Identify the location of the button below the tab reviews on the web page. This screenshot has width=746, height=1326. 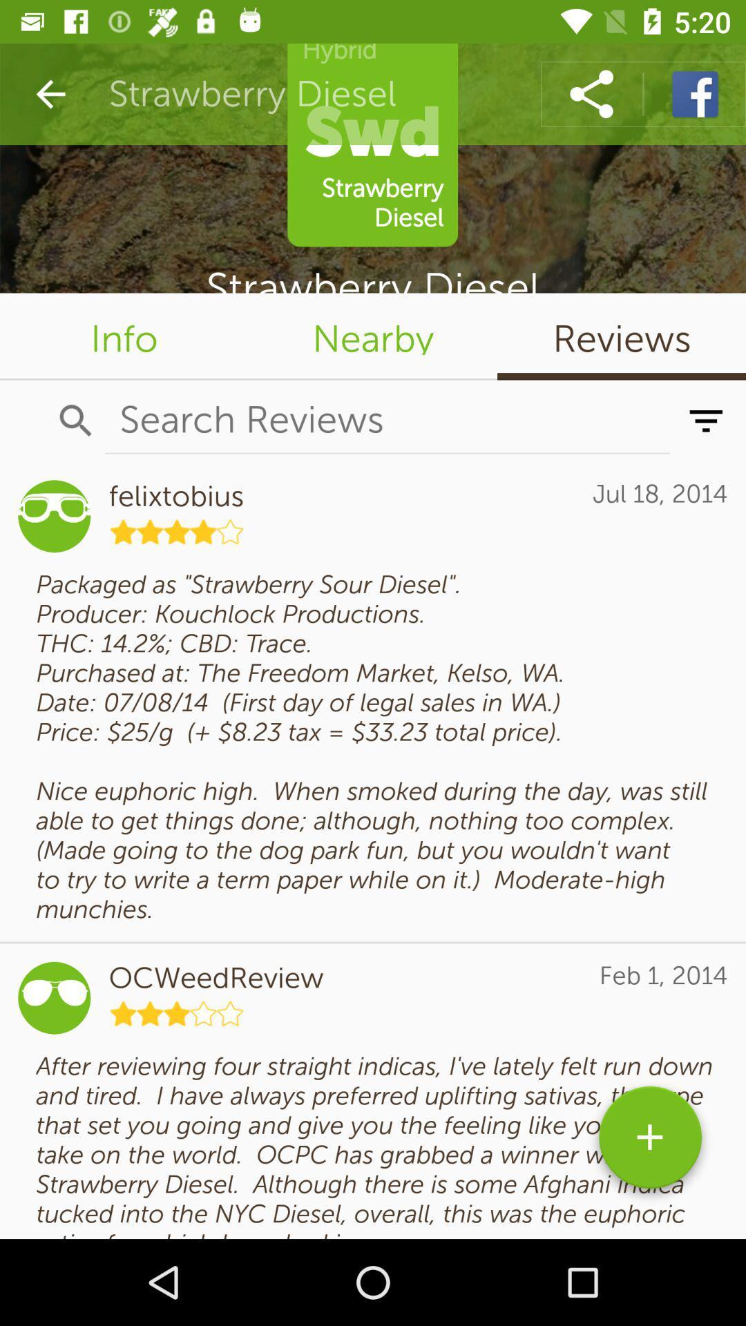
(706, 420).